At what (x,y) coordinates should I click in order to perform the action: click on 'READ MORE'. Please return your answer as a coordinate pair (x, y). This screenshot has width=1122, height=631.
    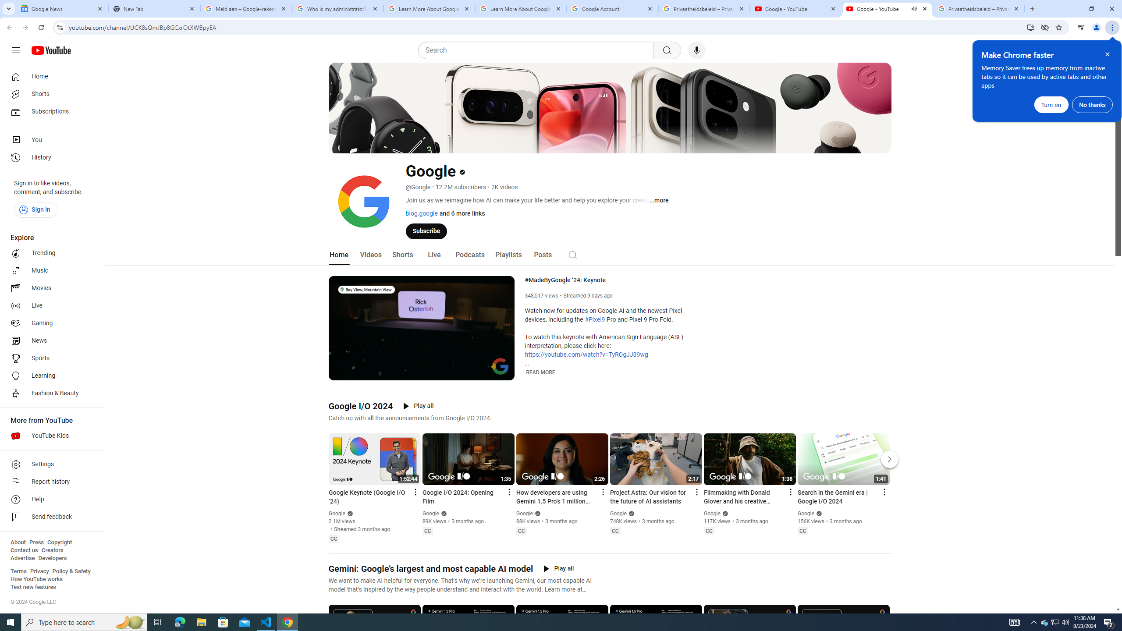
    Looking at the image, I should click on (540, 372).